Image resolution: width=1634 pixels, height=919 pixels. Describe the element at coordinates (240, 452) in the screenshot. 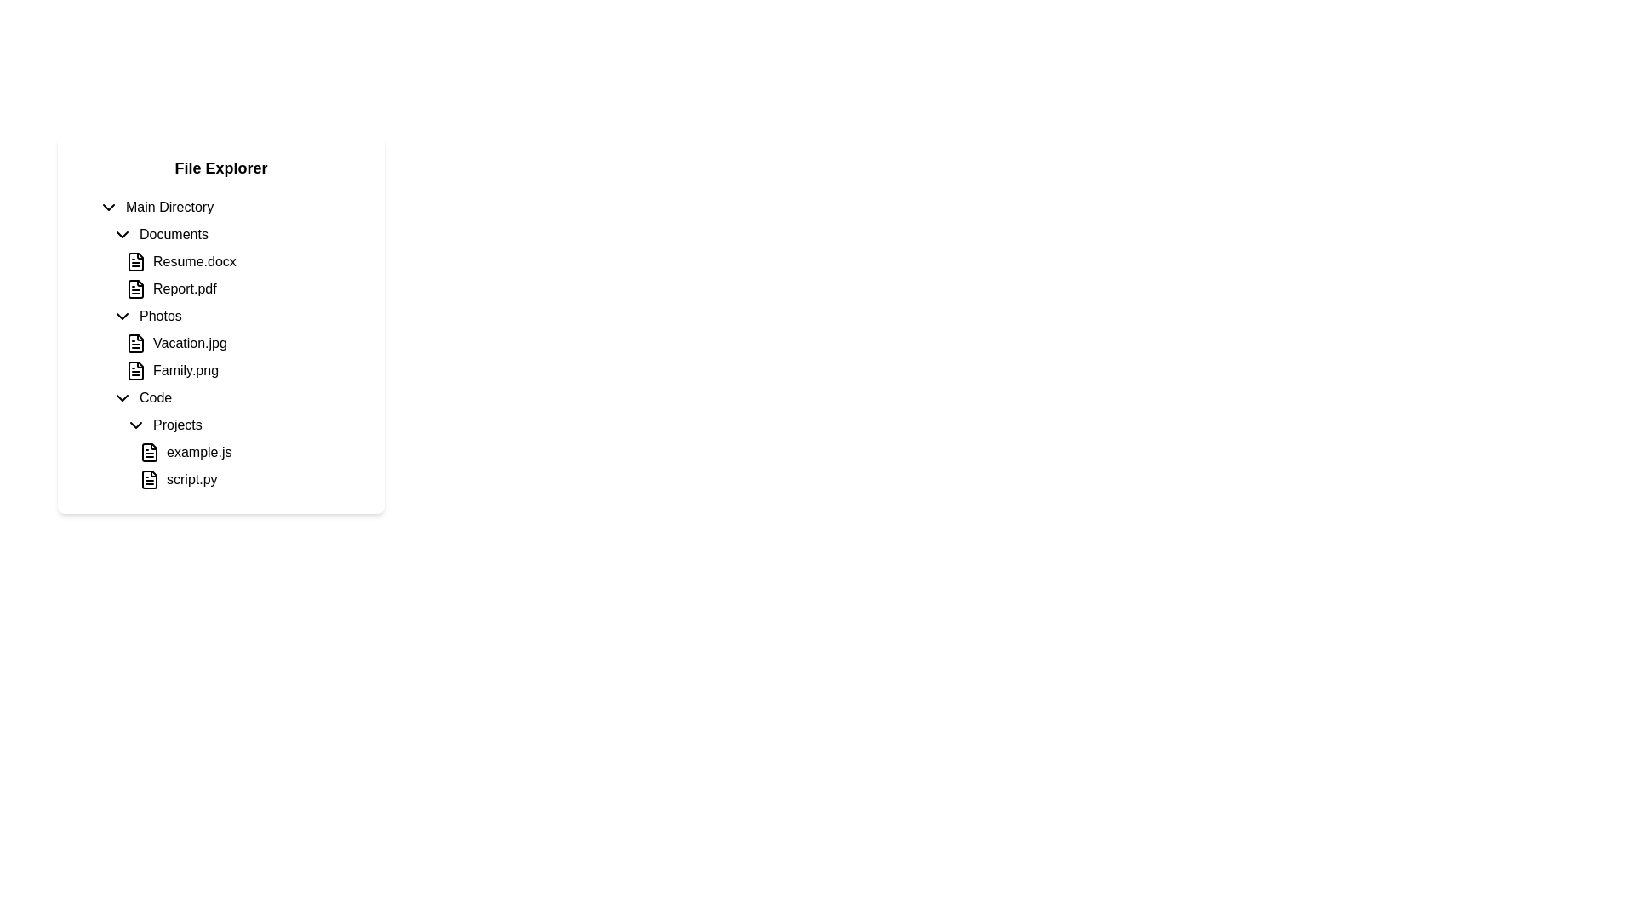

I see `the file entry labeled 'example.js' in the 'Projects' directory of the file explorer` at that location.